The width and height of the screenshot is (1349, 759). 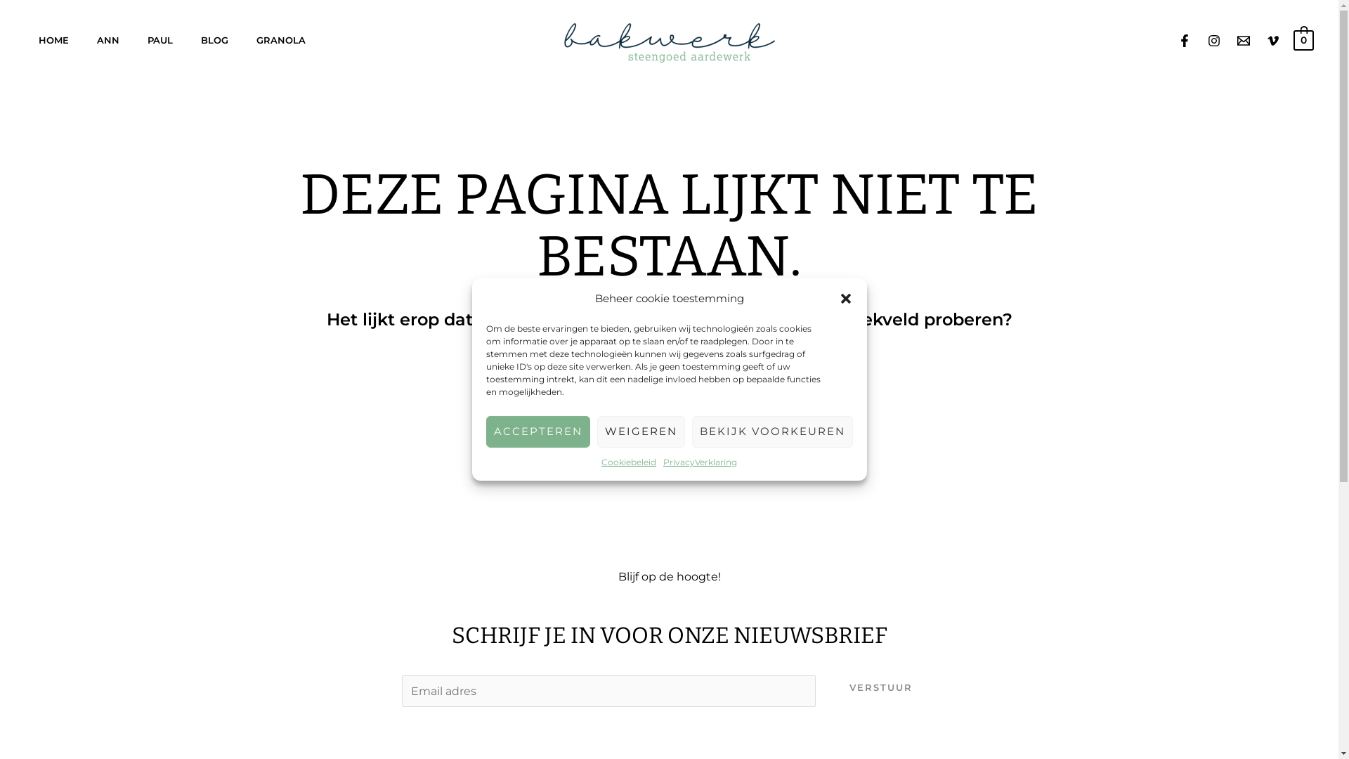 What do you see at coordinates (880, 687) in the screenshot?
I see `'VERSTUUR'` at bounding box center [880, 687].